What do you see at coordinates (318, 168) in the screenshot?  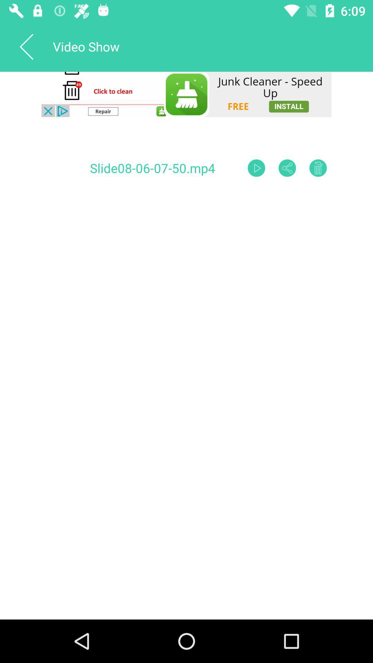 I see `delete file` at bounding box center [318, 168].